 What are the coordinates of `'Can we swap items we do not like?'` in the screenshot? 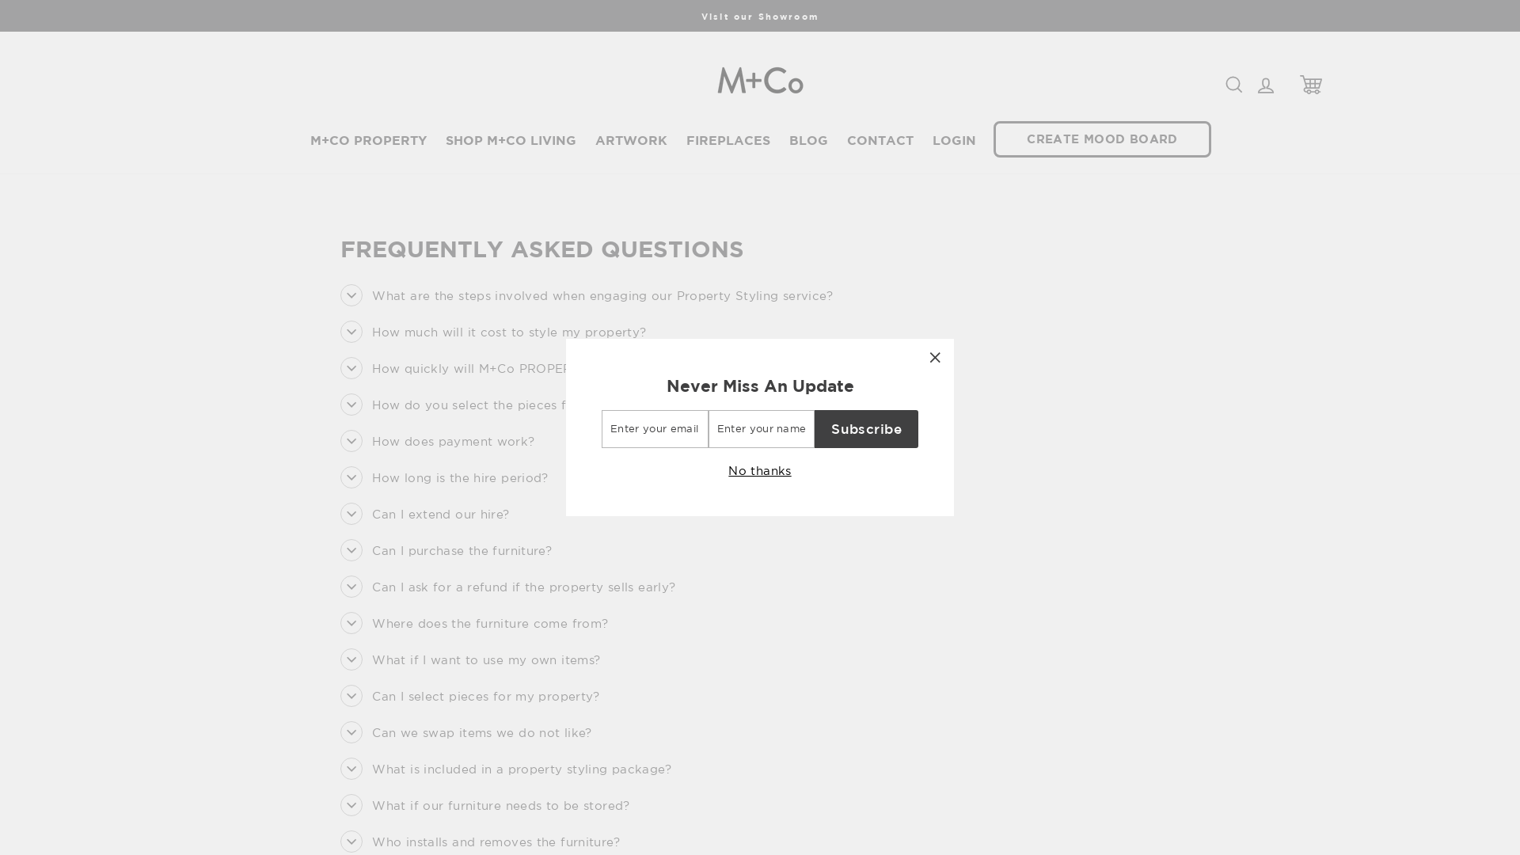 It's located at (465, 732).